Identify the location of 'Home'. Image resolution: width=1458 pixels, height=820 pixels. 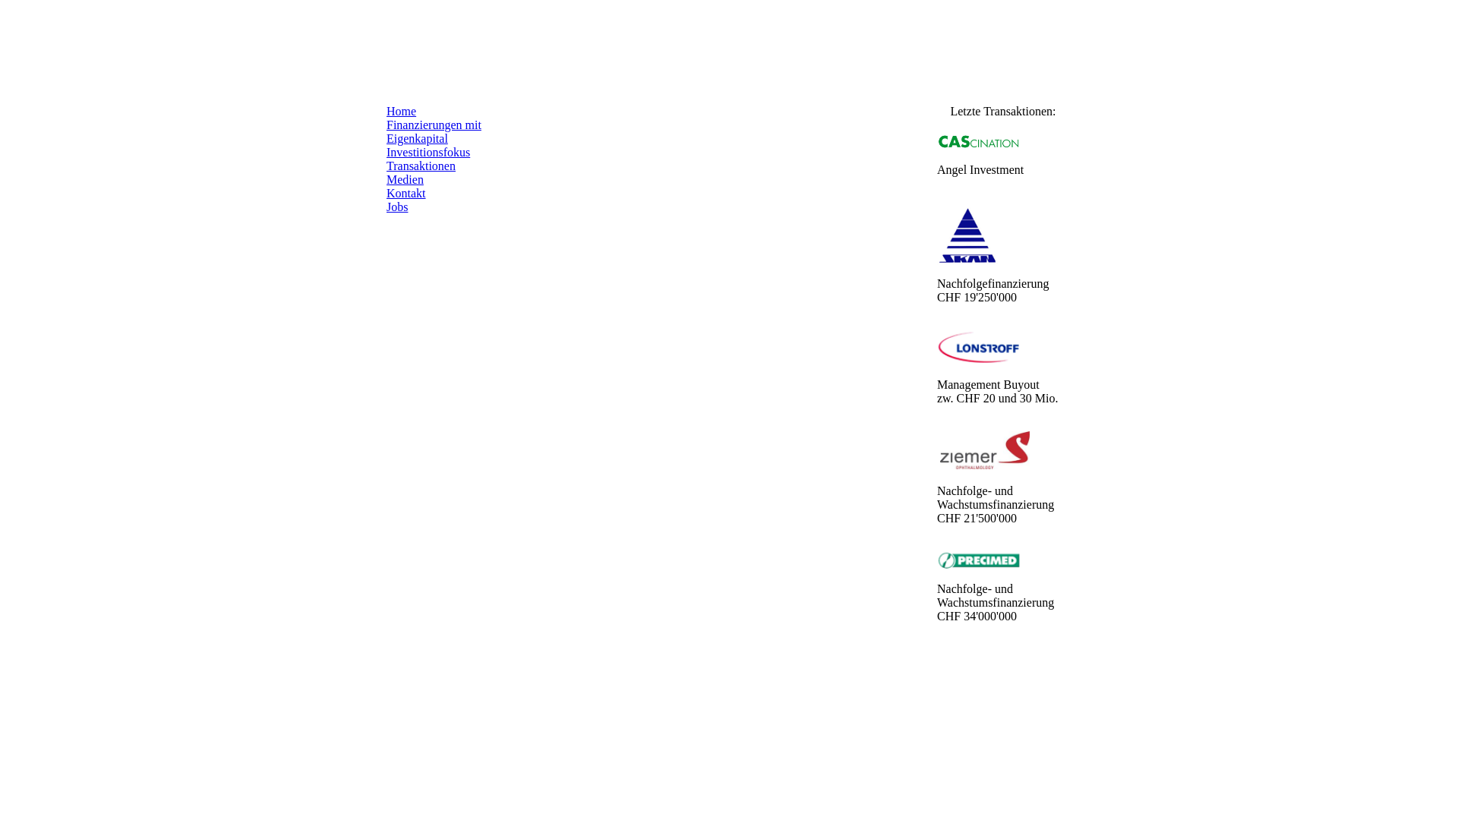
(386, 110).